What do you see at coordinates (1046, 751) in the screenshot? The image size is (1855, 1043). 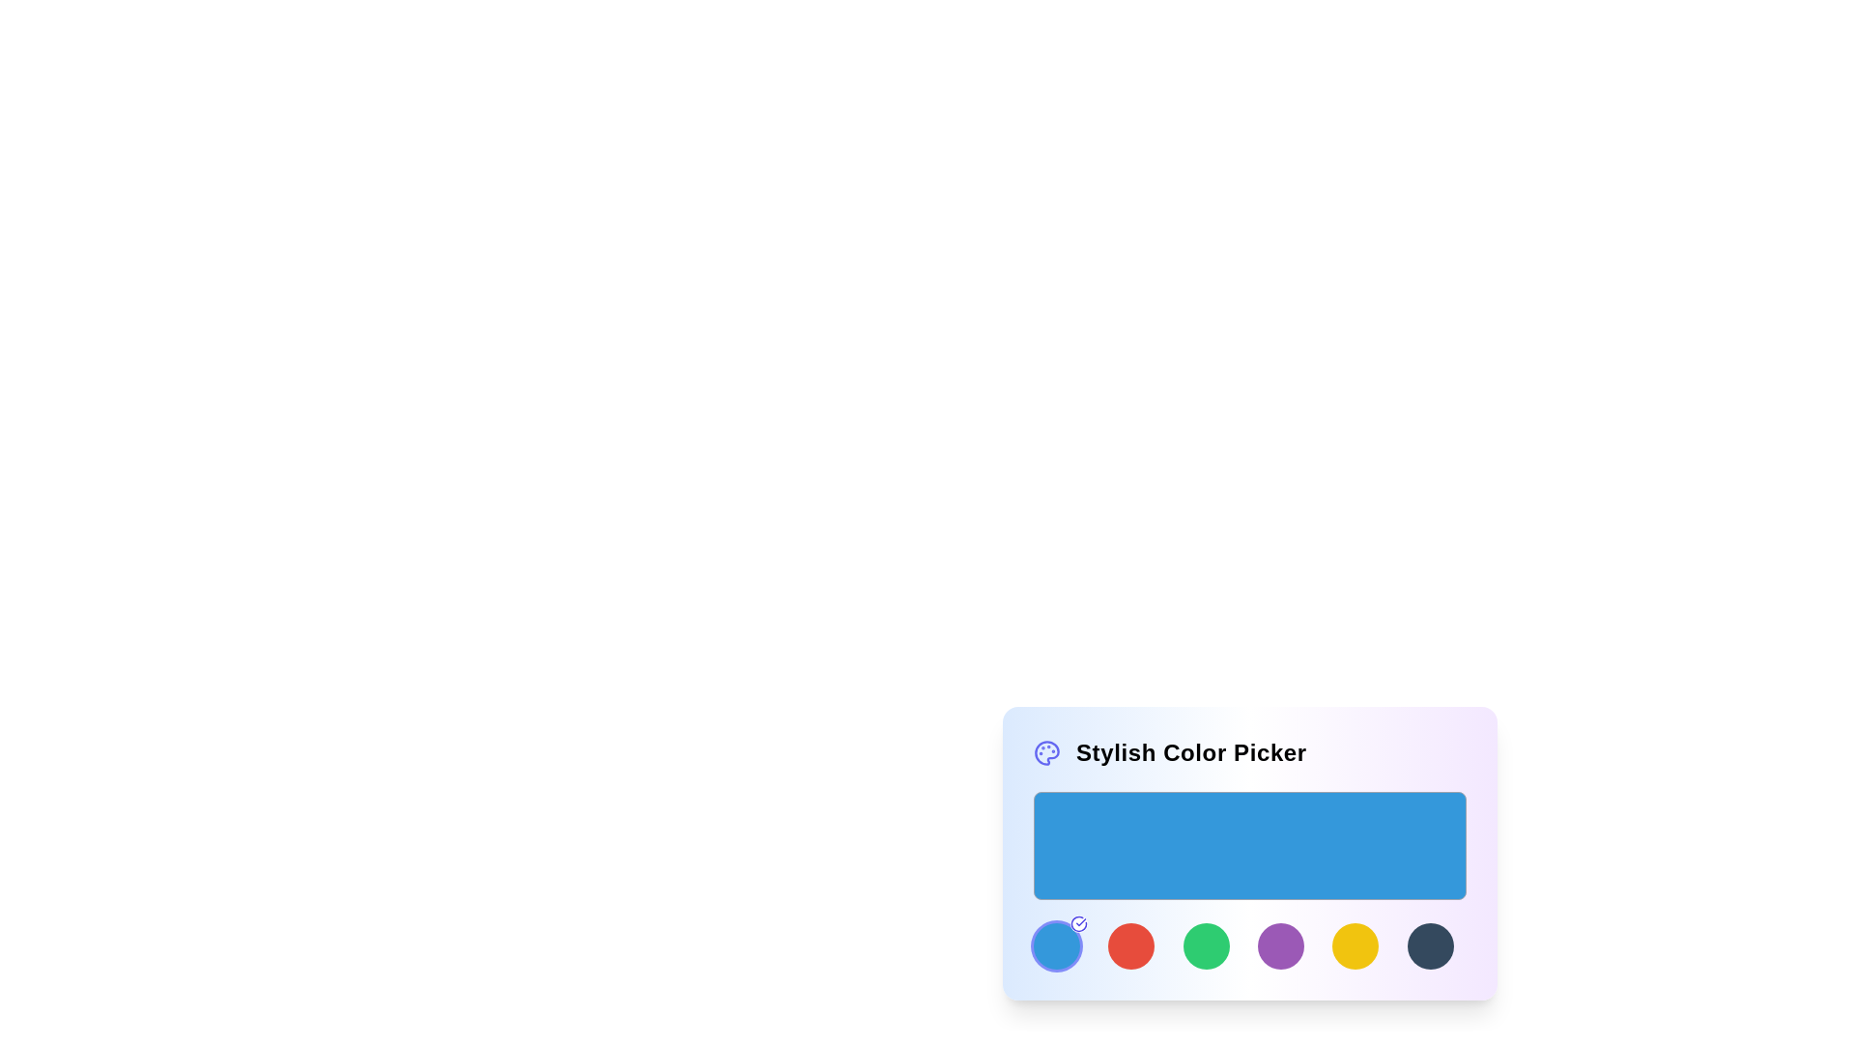 I see `the small indigo painter's palette icon positioned to the far left of the 'Stylish Color Picker' text element` at bounding box center [1046, 751].